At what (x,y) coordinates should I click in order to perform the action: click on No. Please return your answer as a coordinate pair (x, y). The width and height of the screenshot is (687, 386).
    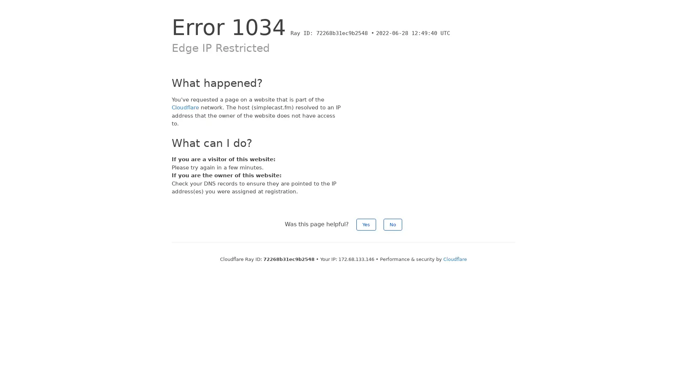
    Looking at the image, I should click on (393, 224).